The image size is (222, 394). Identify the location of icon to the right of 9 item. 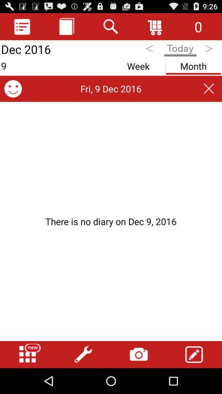
(138, 64).